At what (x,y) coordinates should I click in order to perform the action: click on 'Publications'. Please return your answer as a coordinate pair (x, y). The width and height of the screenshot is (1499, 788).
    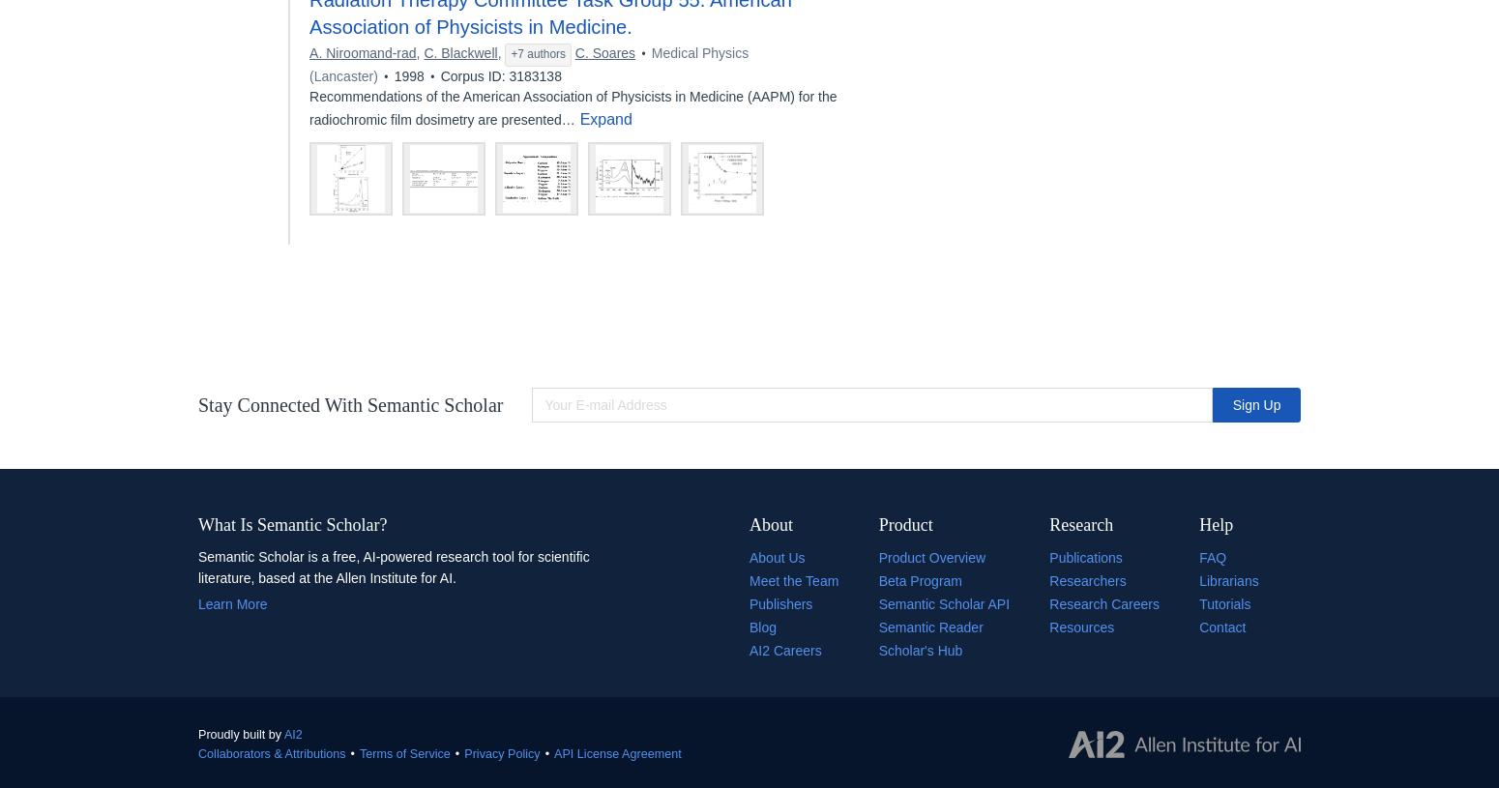
    Looking at the image, I should click on (1084, 555).